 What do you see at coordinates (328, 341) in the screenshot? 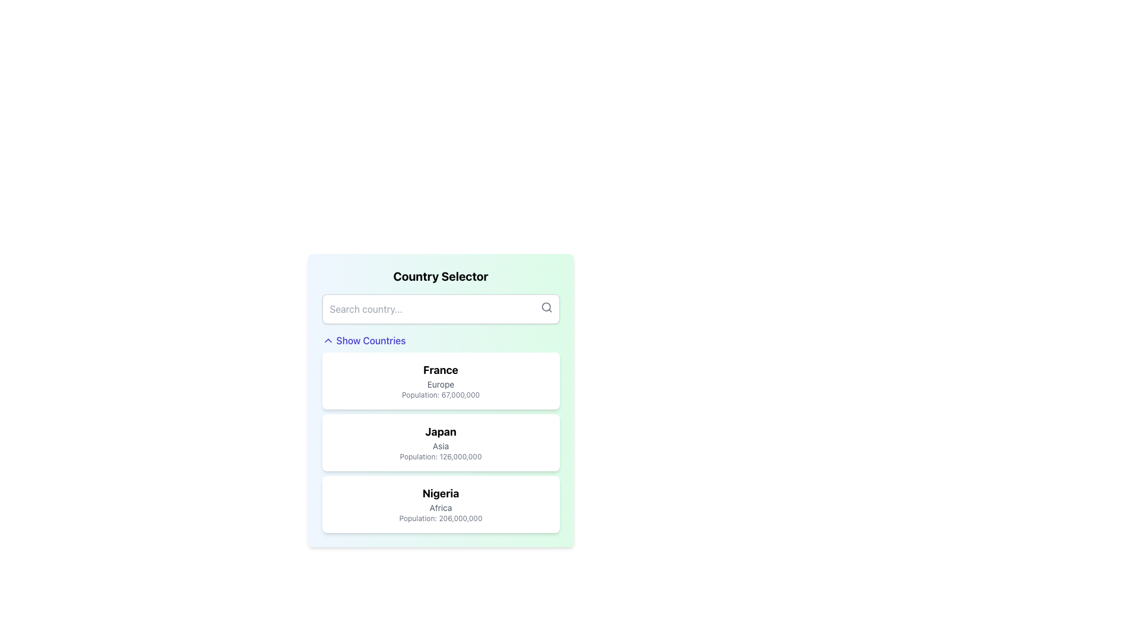
I see `the upward-pointing chevron icon, which is styled with a minimalistic design and located immediately to the left of the 'Show Countries' text` at bounding box center [328, 341].